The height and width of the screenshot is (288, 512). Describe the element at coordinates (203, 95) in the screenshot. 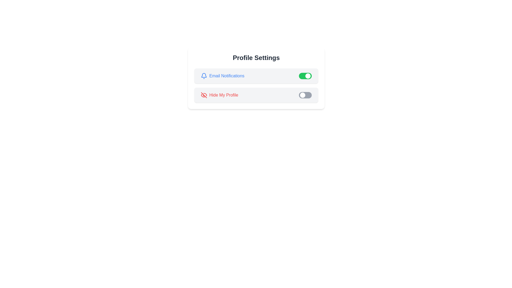

I see `the 'Hide My Profile' icon in the profile settings section to visually represent the action of making a profile invisible` at that location.